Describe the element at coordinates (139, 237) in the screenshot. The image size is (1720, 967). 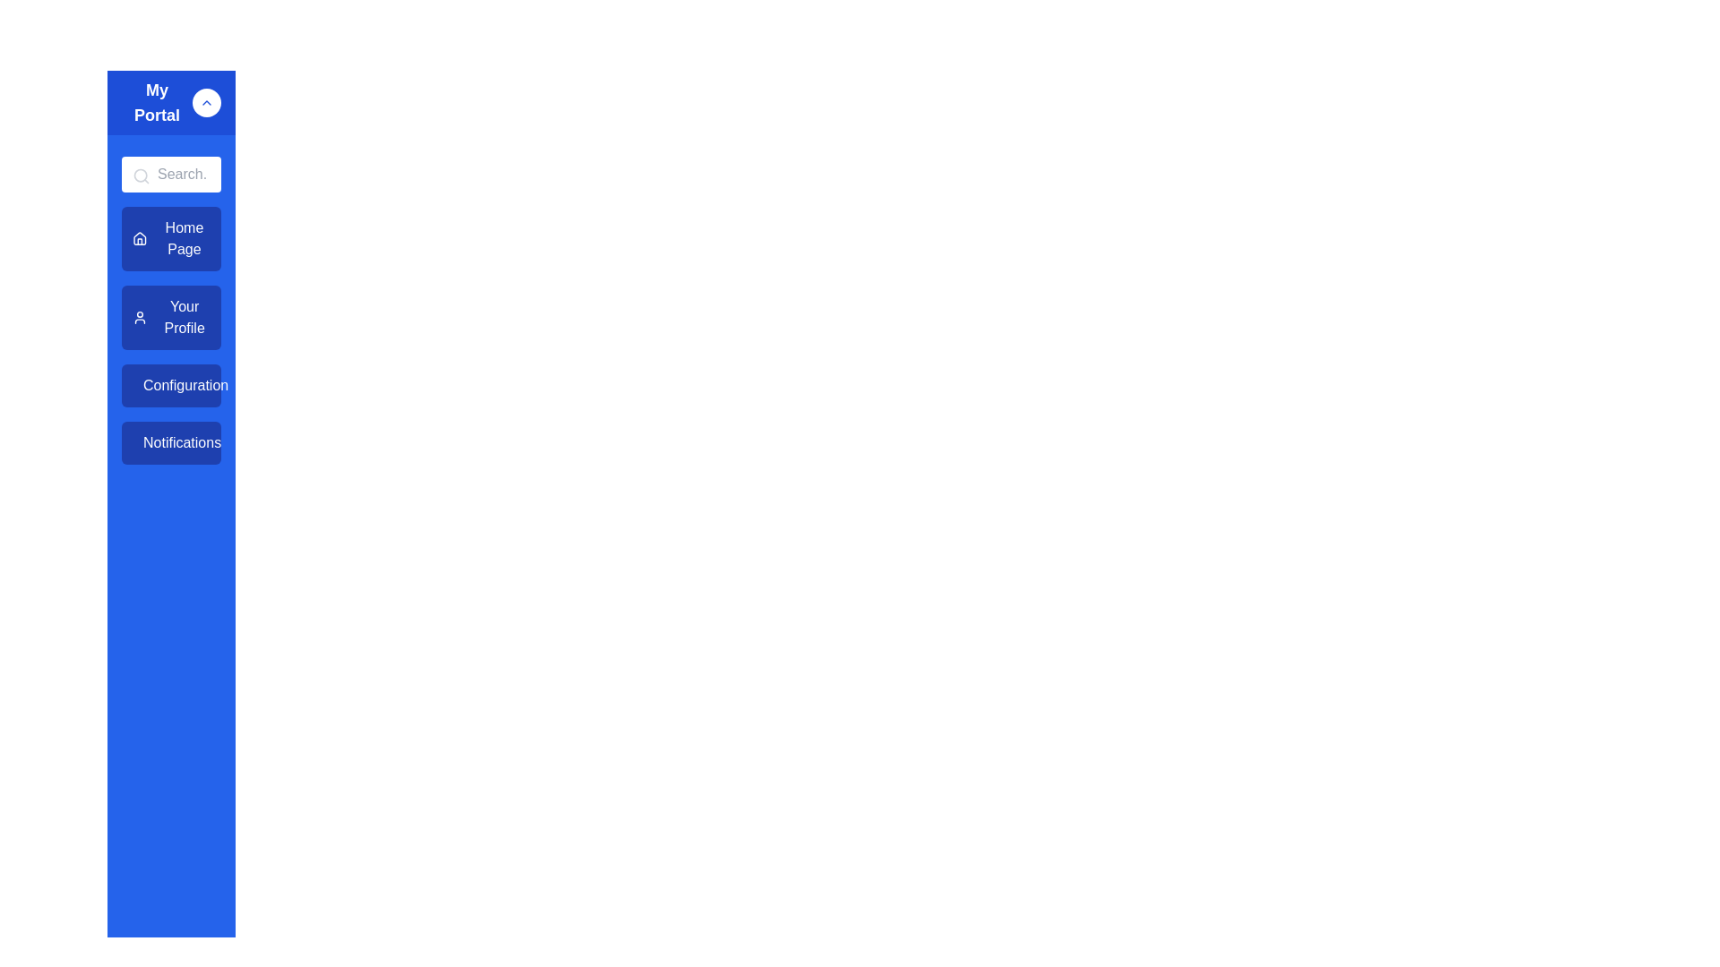
I see `the house icon in the sidebar` at that location.